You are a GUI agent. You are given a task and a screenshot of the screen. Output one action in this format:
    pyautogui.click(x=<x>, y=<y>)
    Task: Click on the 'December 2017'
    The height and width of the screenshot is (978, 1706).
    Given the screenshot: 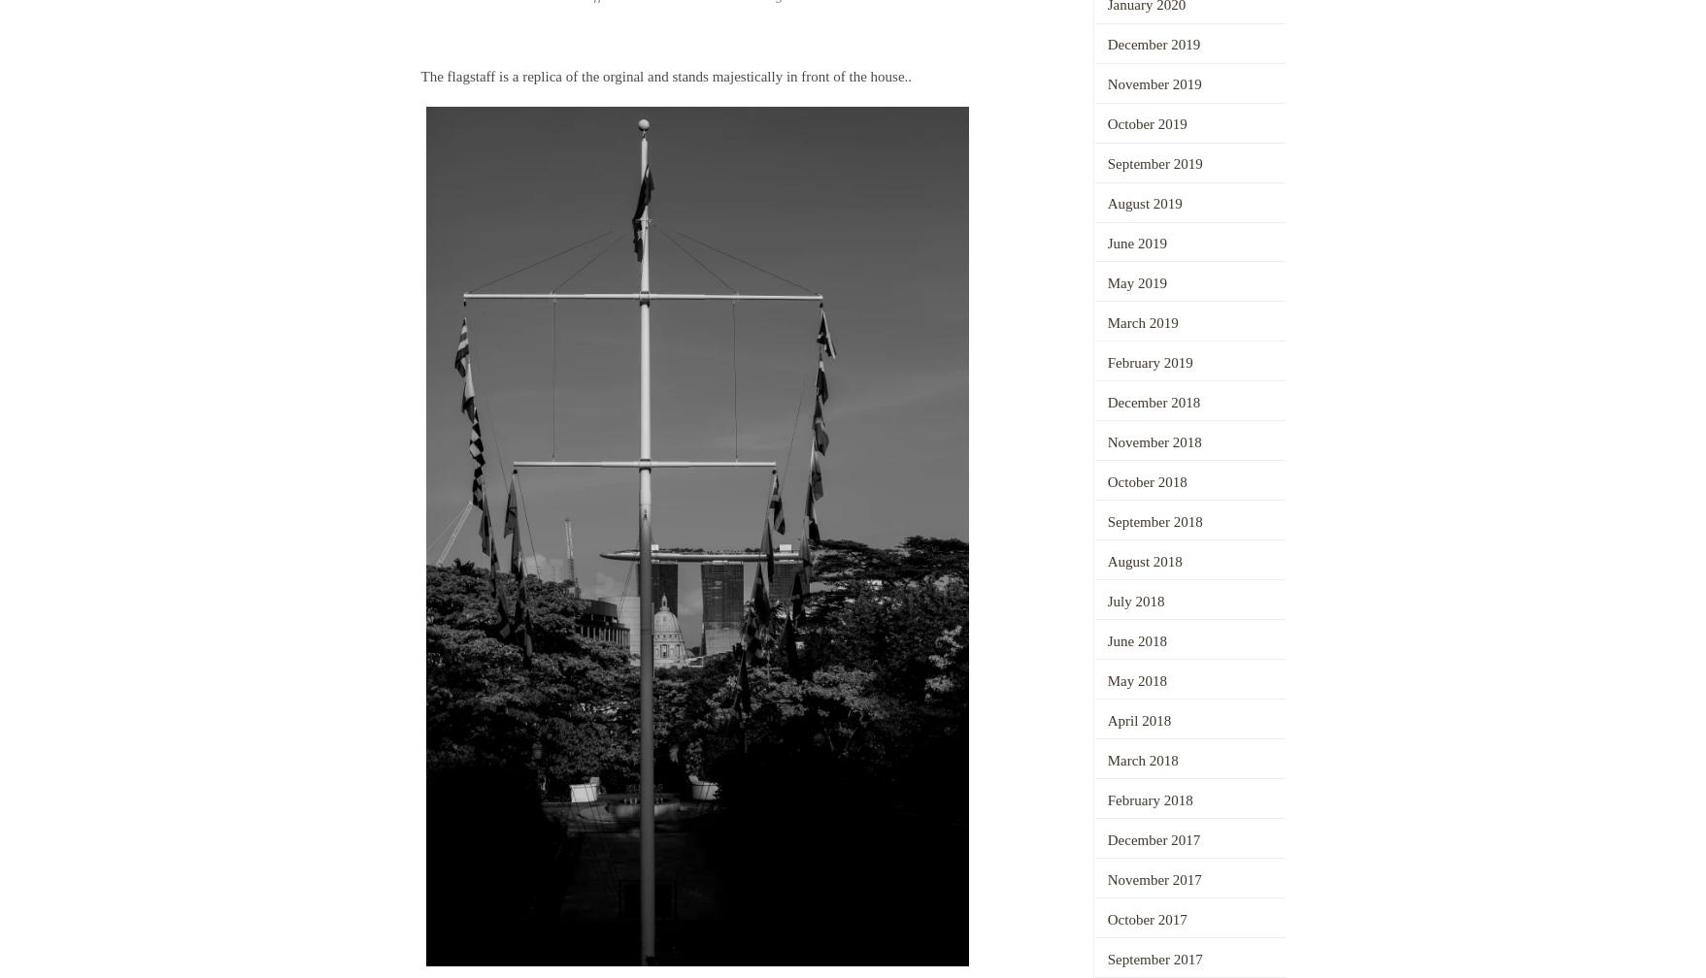 What is the action you would take?
    pyautogui.click(x=1153, y=838)
    